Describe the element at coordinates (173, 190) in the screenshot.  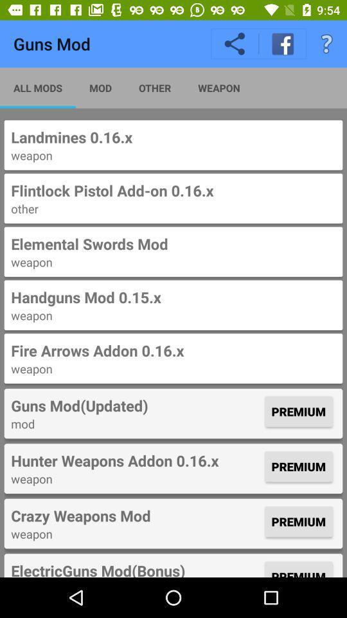
I see `the icon above the other icon` at that location.